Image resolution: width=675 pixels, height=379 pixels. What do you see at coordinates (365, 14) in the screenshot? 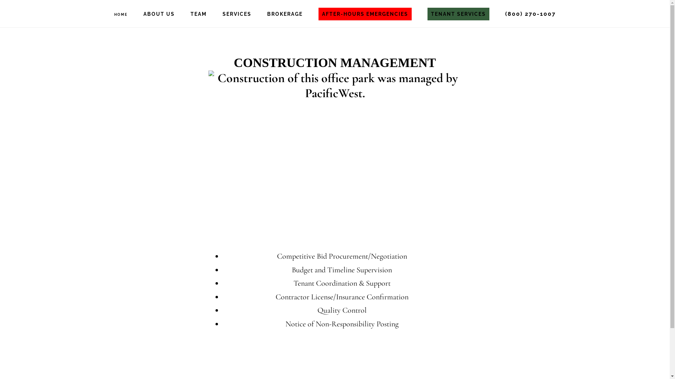
I see `'AFTER-HOURS EMERGENCIES'` at bounding box center [365, 14].